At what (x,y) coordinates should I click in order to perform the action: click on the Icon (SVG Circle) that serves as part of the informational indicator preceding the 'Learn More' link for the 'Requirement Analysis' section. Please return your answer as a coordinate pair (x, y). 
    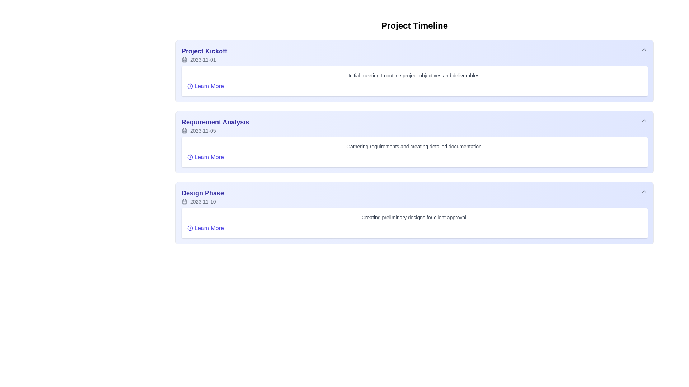
    Looking at the image, I should click on (190, 86).